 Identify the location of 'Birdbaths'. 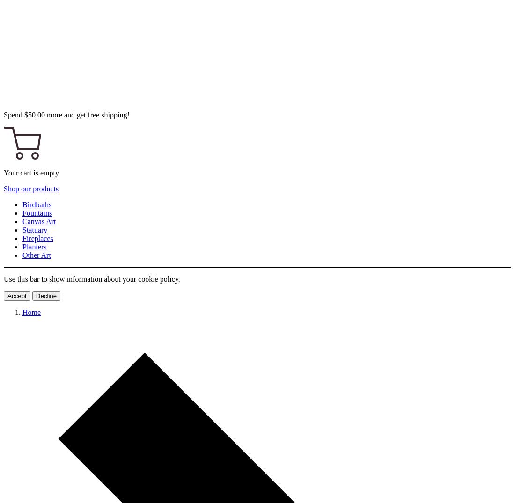
(37, 204).